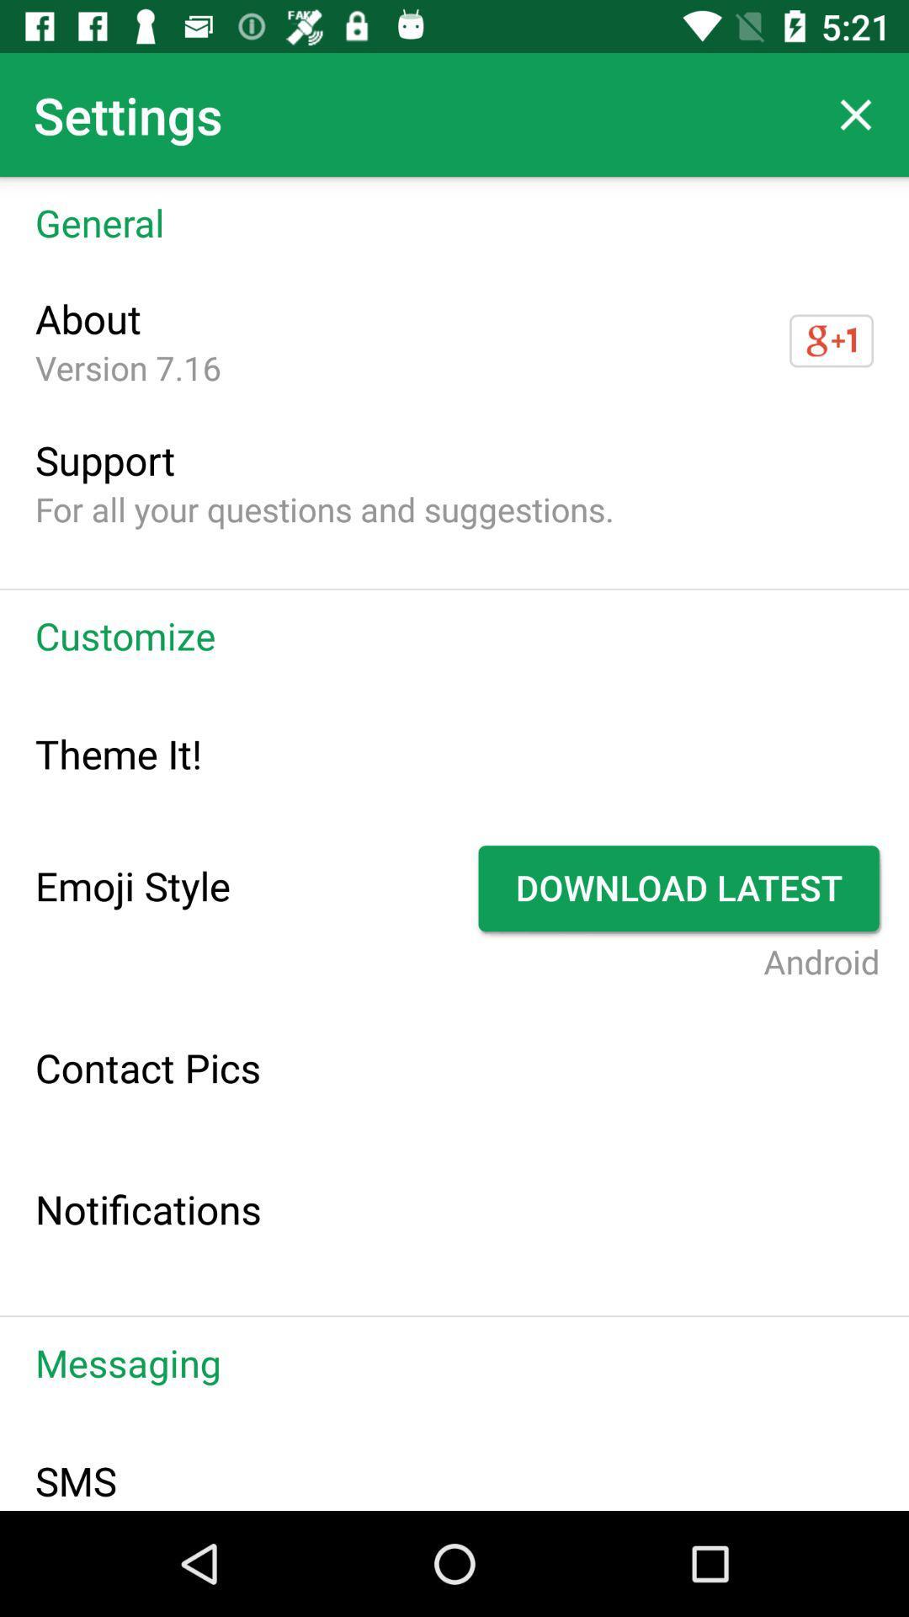 This screenshot has height=1617, width=909. I want to click on the app to the right of emoji style item, so click(680, 888).